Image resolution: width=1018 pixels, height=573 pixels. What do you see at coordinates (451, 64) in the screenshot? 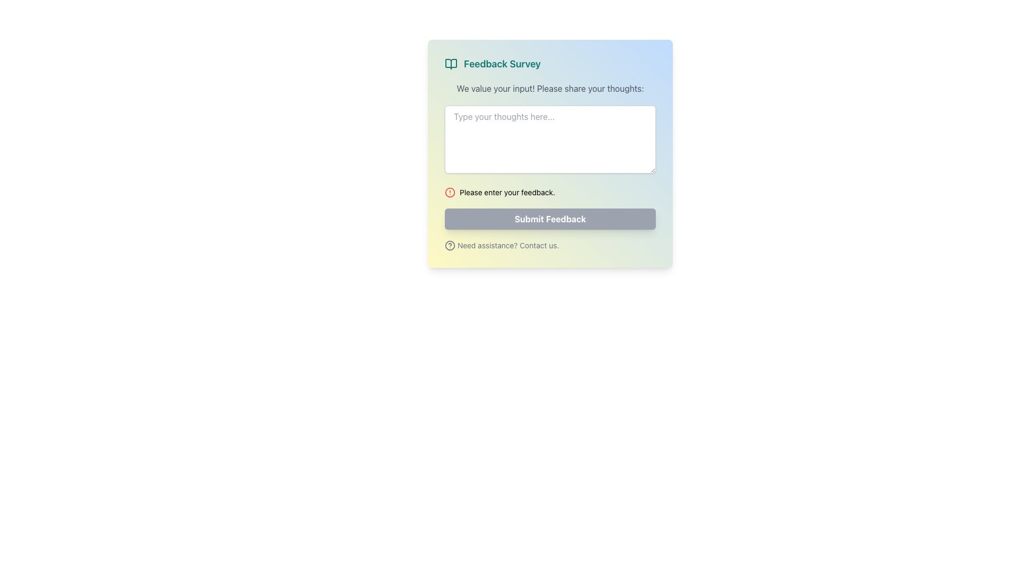
I see `the decorative icon representing the feedback survey, which is positioned to the left of the 'Feedback Survey' header text in the feedback widget` at bounding box center [451, 64].